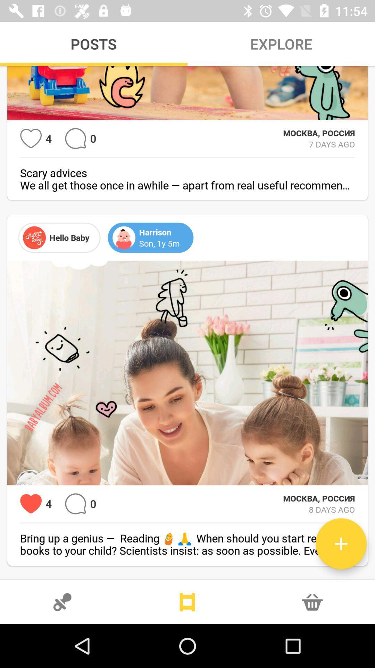 This screenshot has width=375, height=668. What do you see at coordinates (31, 138) in the screenshot?
I see `heart post` at bounding box center [31, 138].